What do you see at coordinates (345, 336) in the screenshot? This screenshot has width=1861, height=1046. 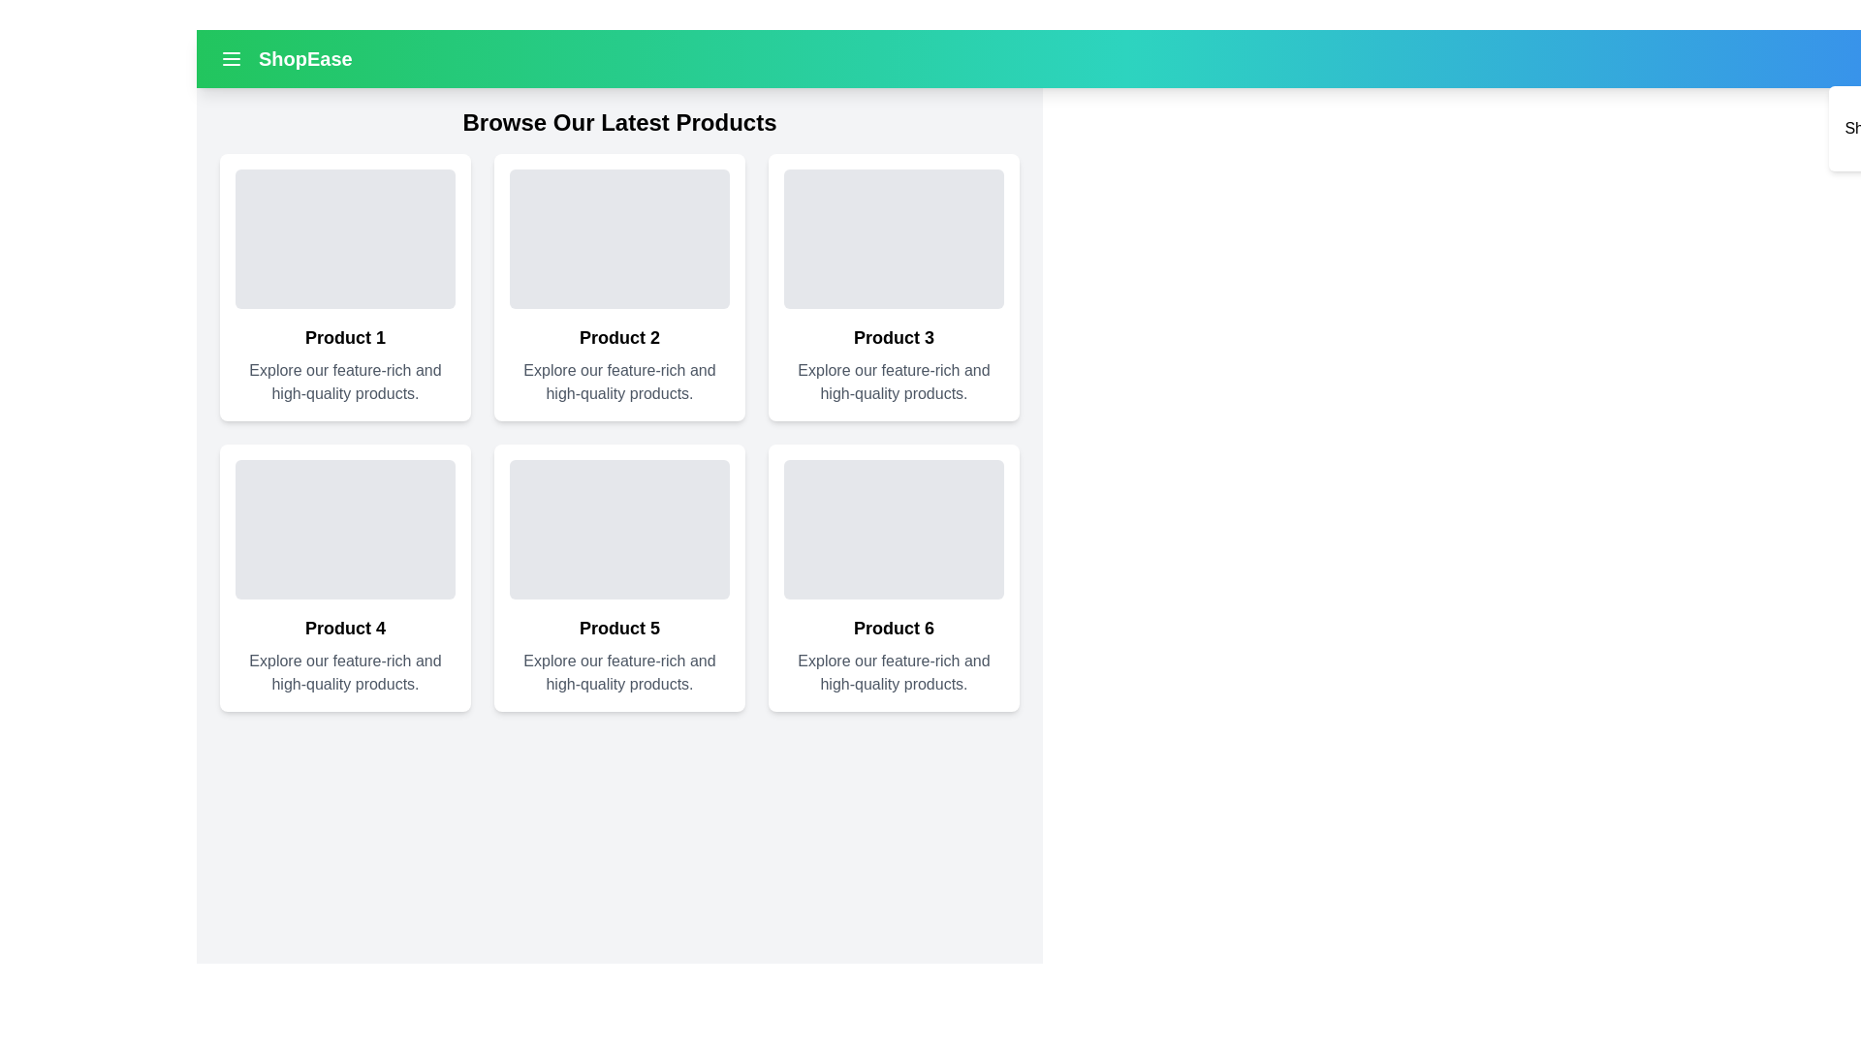 I see `the bold-styled text label 'Product 1' which is centered horizontally within its card` at bounding box center [345, 336].